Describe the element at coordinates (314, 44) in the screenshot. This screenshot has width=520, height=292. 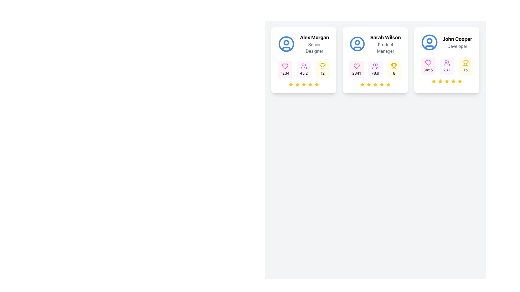
I see `the Text Label displaying 'Alex Morgan' and 'Senior Designer' in the top-left card component of the horizontal list` at that location.